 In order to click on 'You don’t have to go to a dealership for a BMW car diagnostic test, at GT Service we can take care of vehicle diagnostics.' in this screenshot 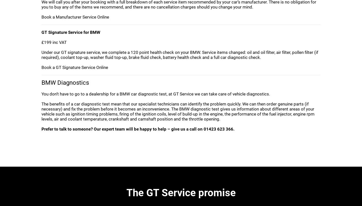, I will do `click(41, 94)`.